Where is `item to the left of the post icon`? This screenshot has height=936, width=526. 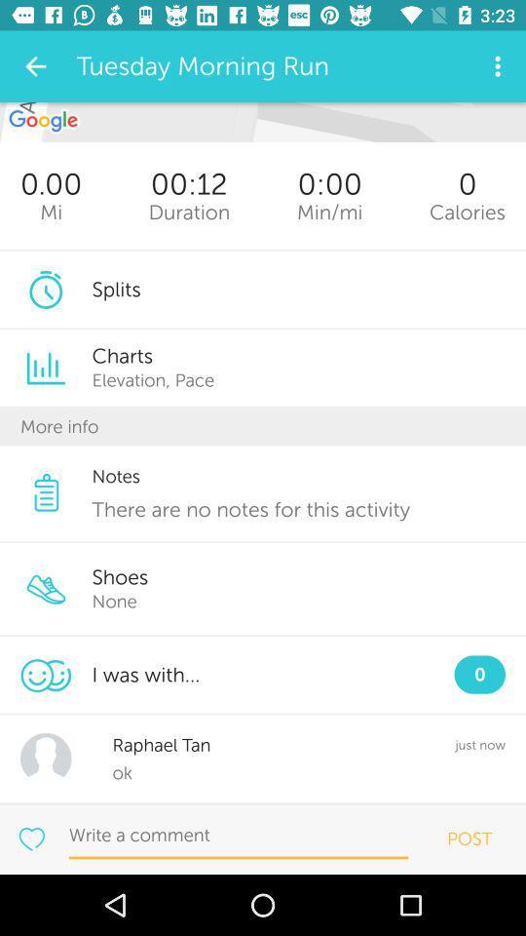 item to the left of the post icon is located at coordinates (239, 835).